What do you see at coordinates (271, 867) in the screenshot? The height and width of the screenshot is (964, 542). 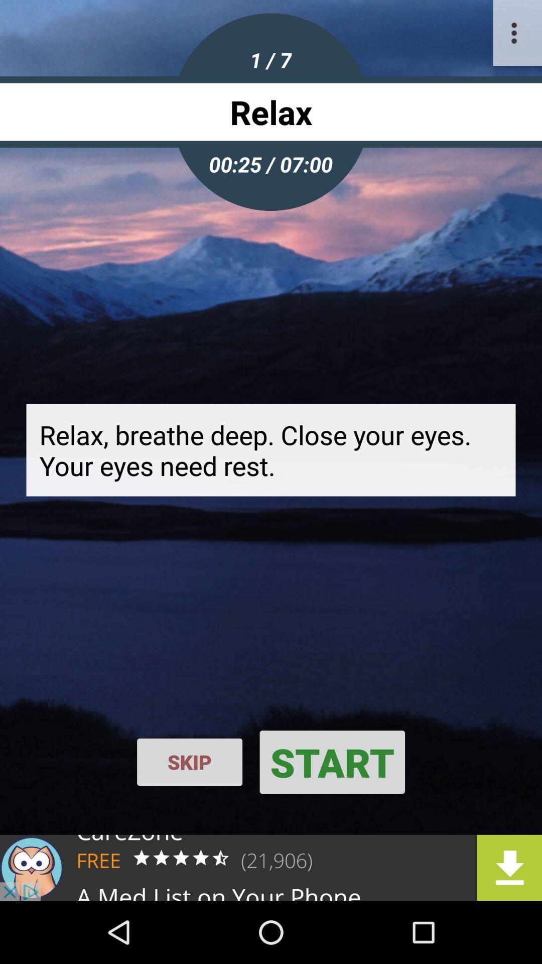 I see `open advertisement` at bounding box center [271, 867].